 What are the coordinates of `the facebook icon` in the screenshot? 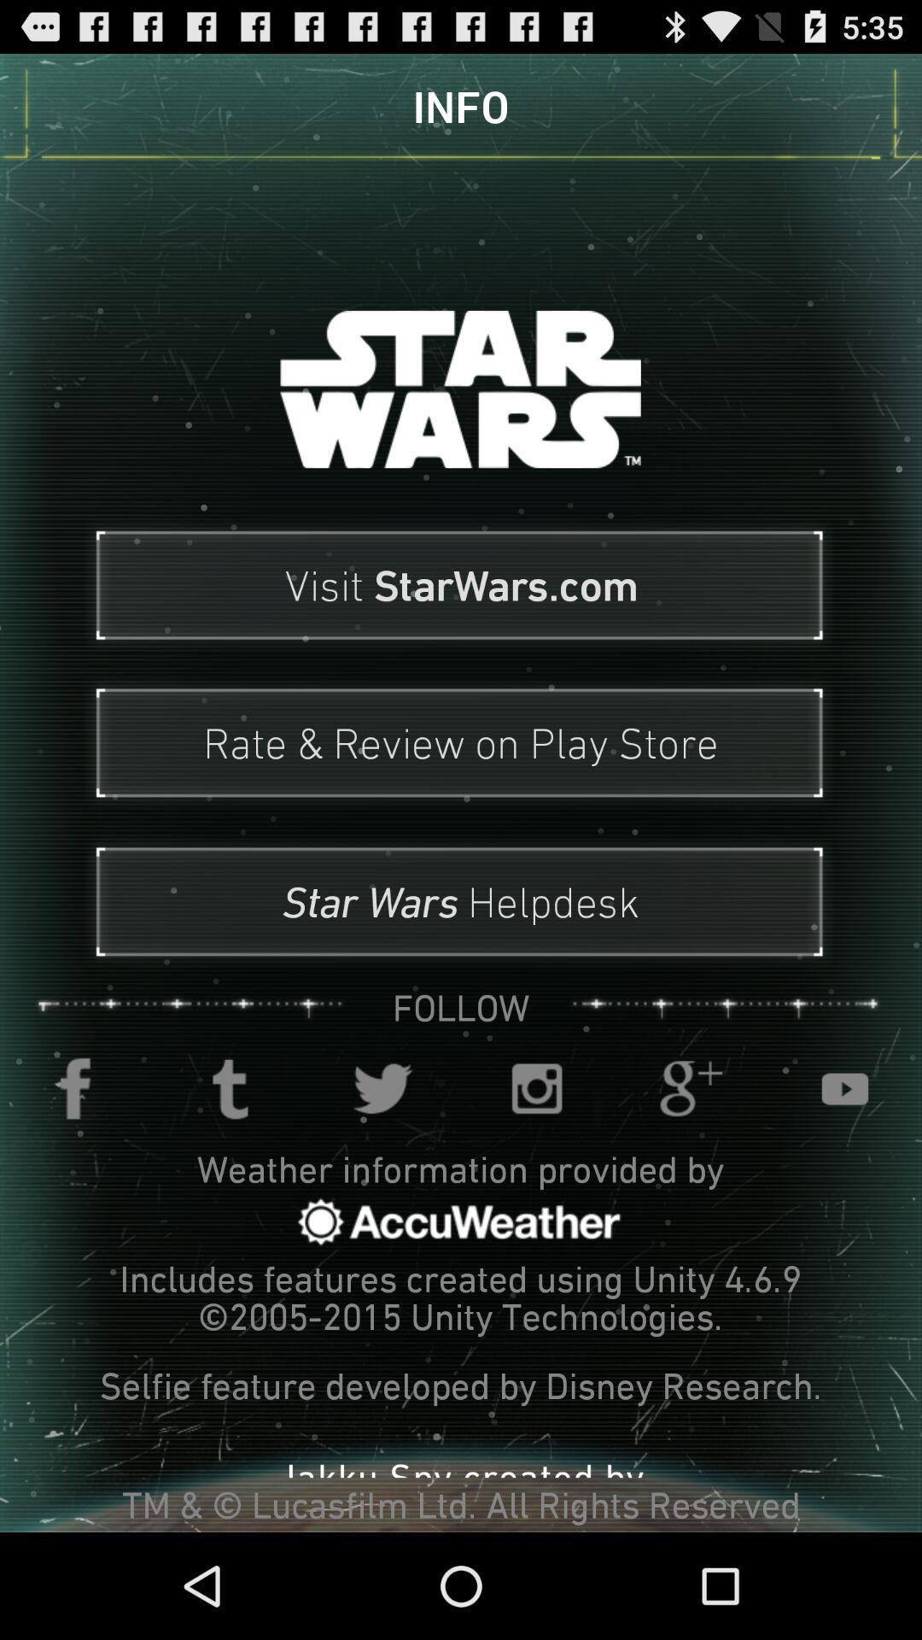 It's located at (75, 1163).